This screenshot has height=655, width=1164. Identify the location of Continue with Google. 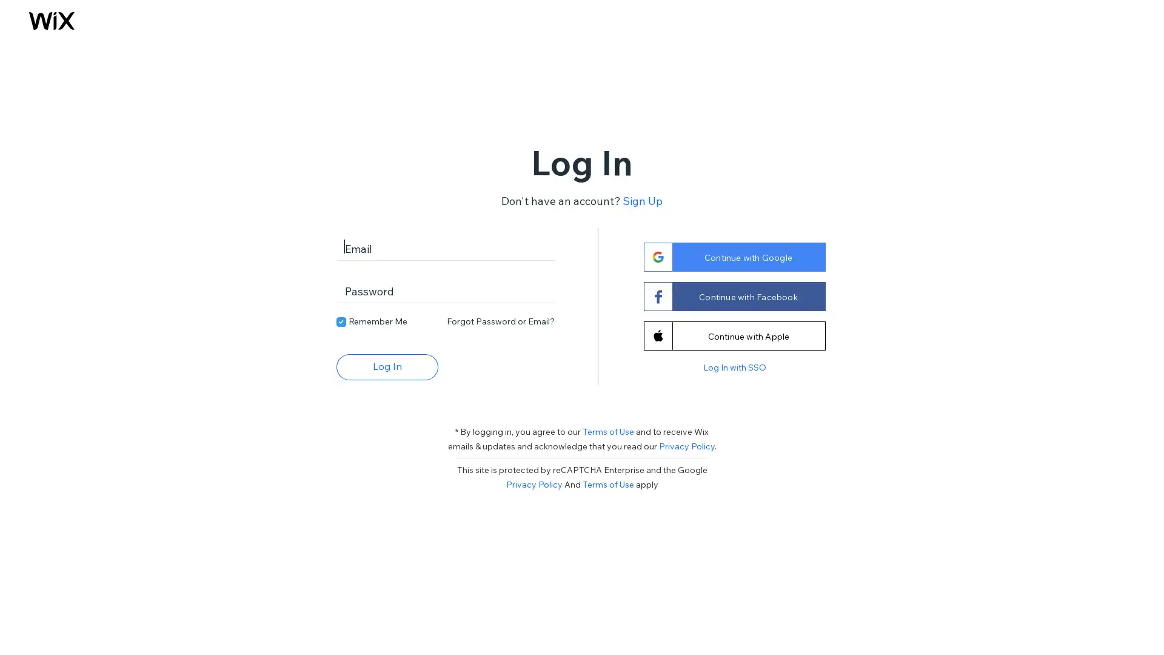
(733, 256).